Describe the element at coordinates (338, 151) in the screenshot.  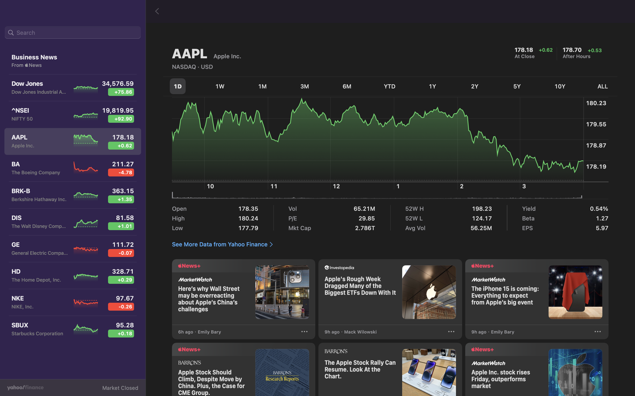
I see `Verify the stock adjustments for 12 o"clock noon` at that location.